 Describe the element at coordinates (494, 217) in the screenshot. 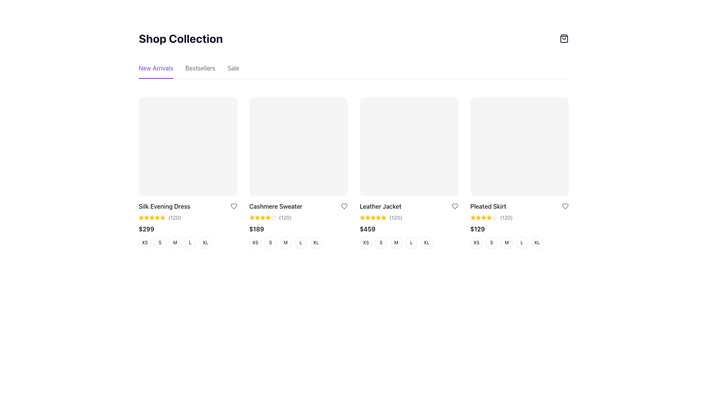

I see `the last star icon under the 'Pleated Skirt' product, which indicates an inactive or unrated state in the rating system` at that location.